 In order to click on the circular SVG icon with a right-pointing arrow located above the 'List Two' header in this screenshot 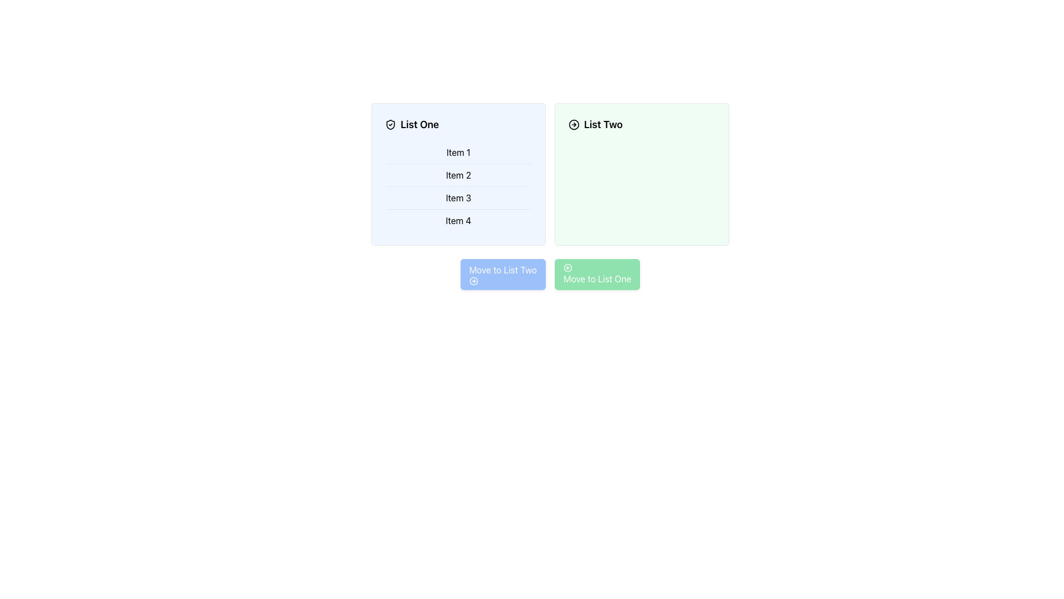, I will do `click(574, 124)`.